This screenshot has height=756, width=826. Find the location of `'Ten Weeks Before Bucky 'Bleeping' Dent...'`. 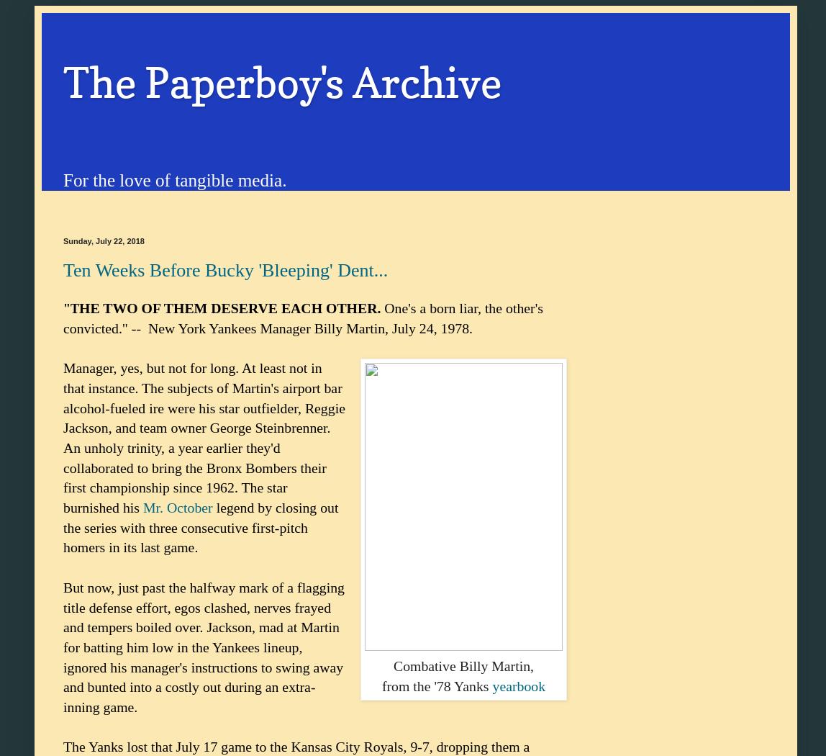

'Ten Weeks Before Bucky 'Bleeping' Dent...' is located at coordinates (225, 269).